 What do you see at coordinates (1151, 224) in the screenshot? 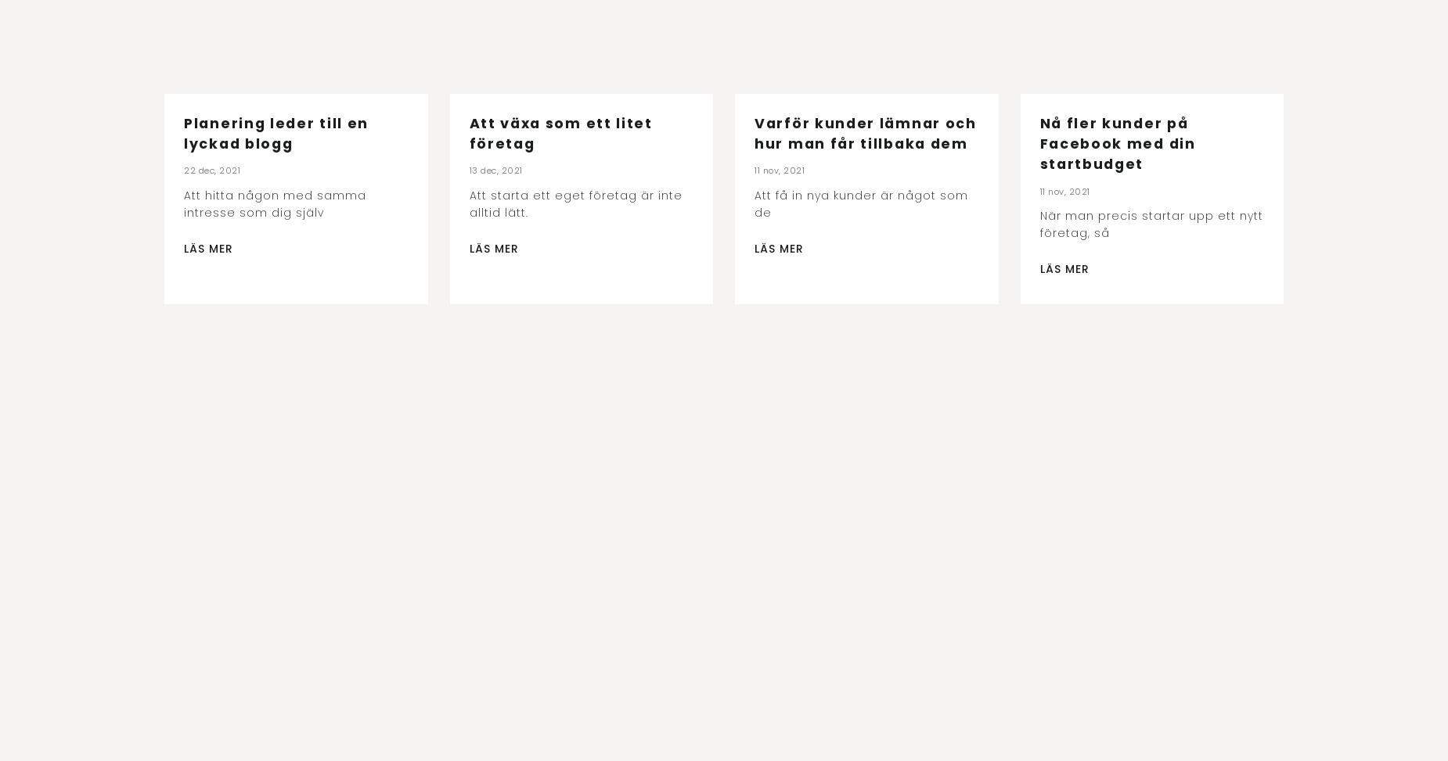
I see `'När man precis startar upp ett nytt företag, så'` at bounding box center [1151, 224].